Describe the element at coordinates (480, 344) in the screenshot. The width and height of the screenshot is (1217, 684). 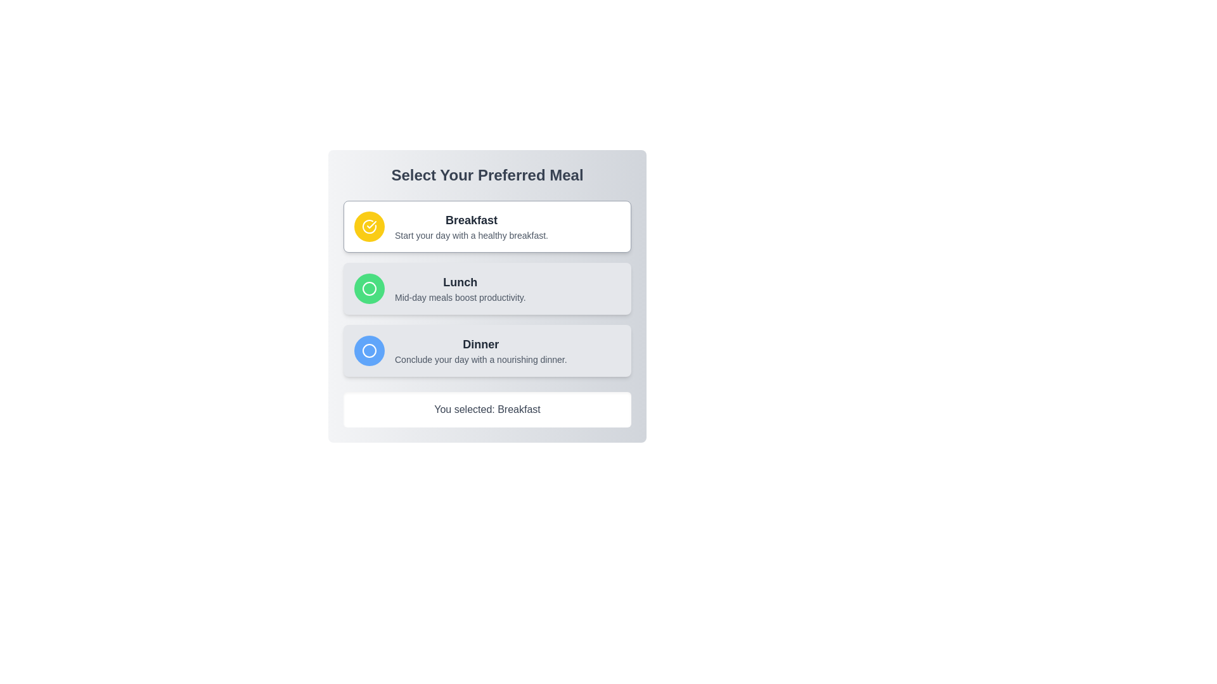
I see `the header text indicating 'Dinner', which is the third meal option in the vertical list of meal choices` at that location.